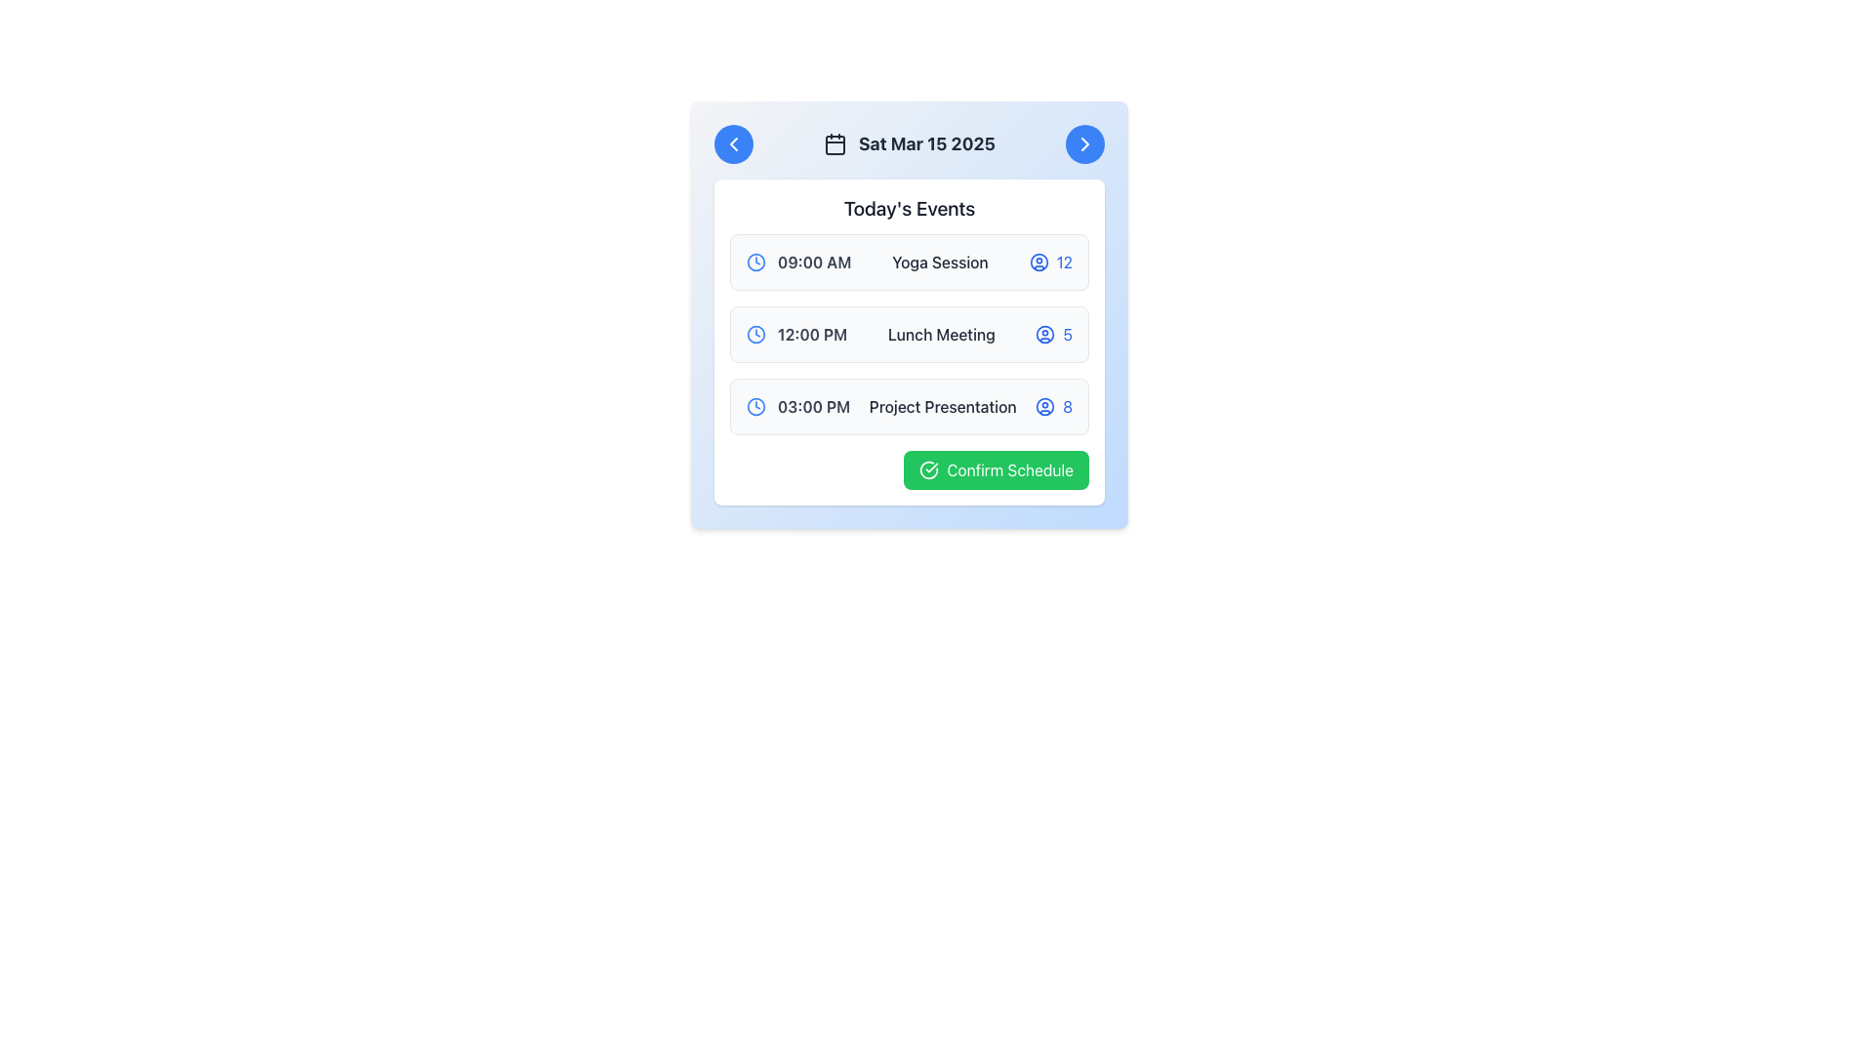 The image size is (1874, 1054). What do you see at coordinates (1053, 405) in the screenshot?
I see `text label displaying the number '8' styled in blue font, located next to a user icon in the third row of 'Today's Events'` at bounding box center [1053, 405].